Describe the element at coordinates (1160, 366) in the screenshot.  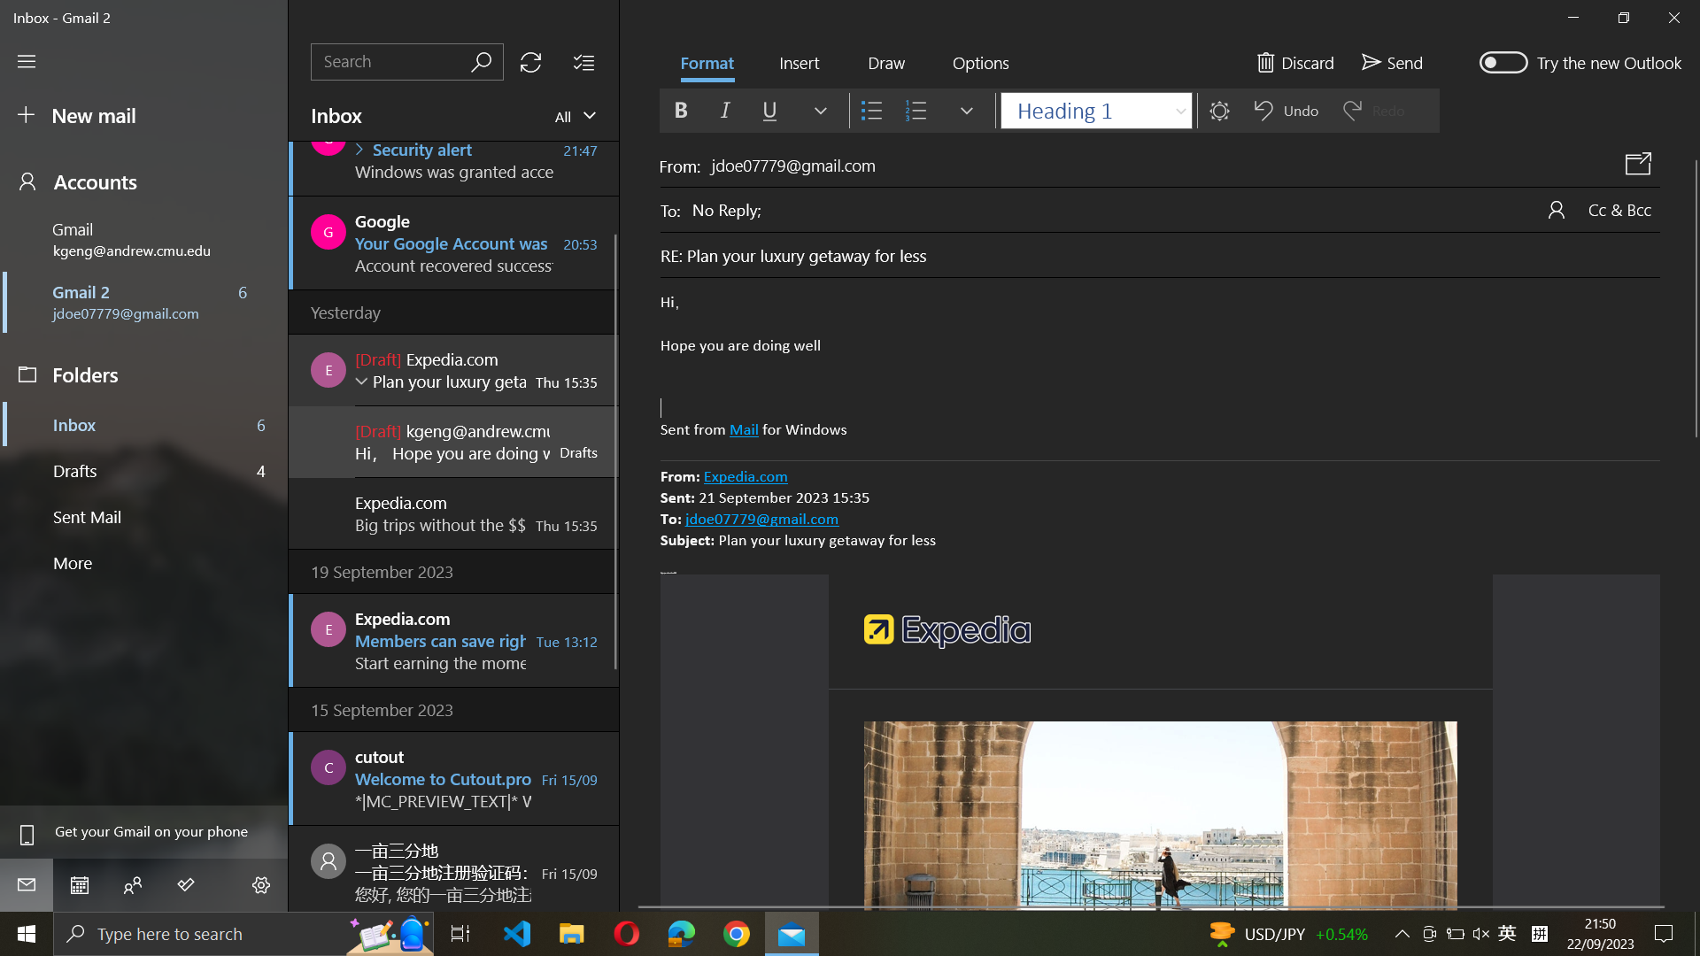
I see `Underline text in mail body` at that location.